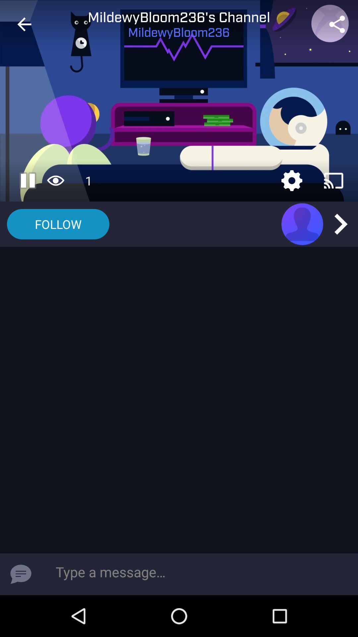 This screenshot has height=637, width=358. What do you see at coordinates (58, 224) in the screenshot?
I see `follow item` at bounding box center [58, 224].